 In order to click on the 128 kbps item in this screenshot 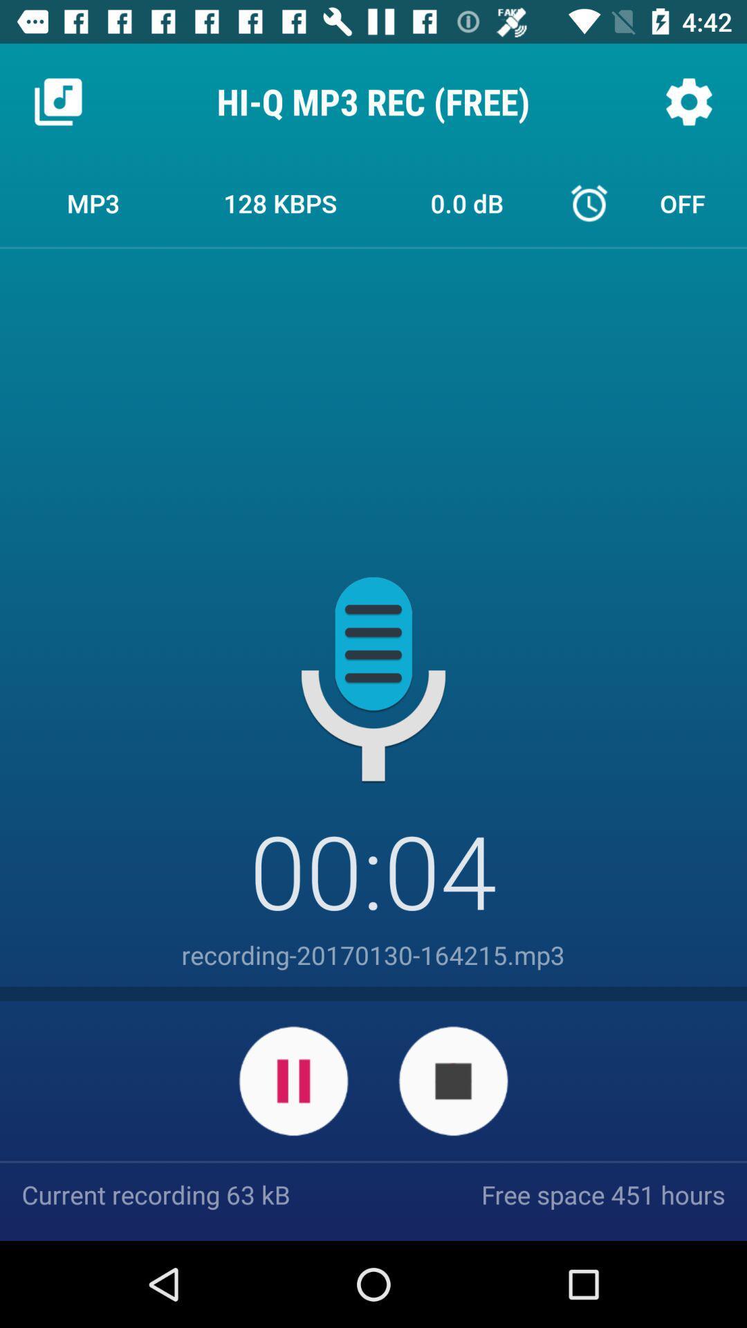, I will do `click(280, 202)`.